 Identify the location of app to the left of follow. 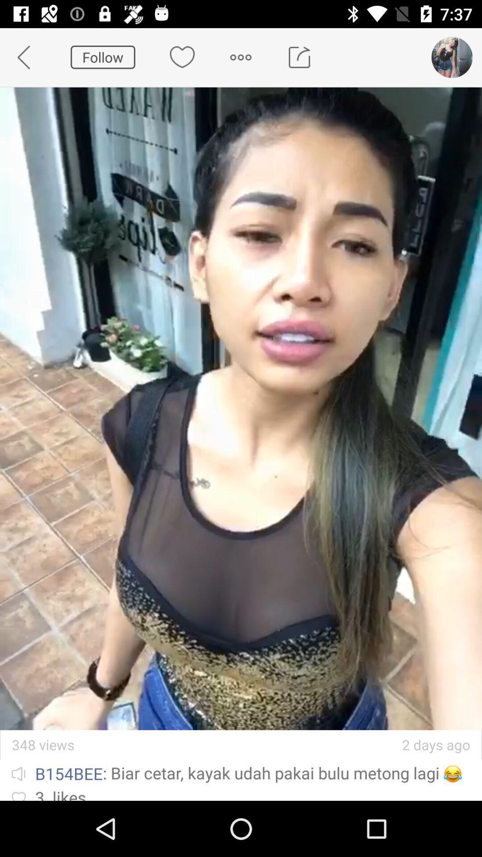
(29, 57).